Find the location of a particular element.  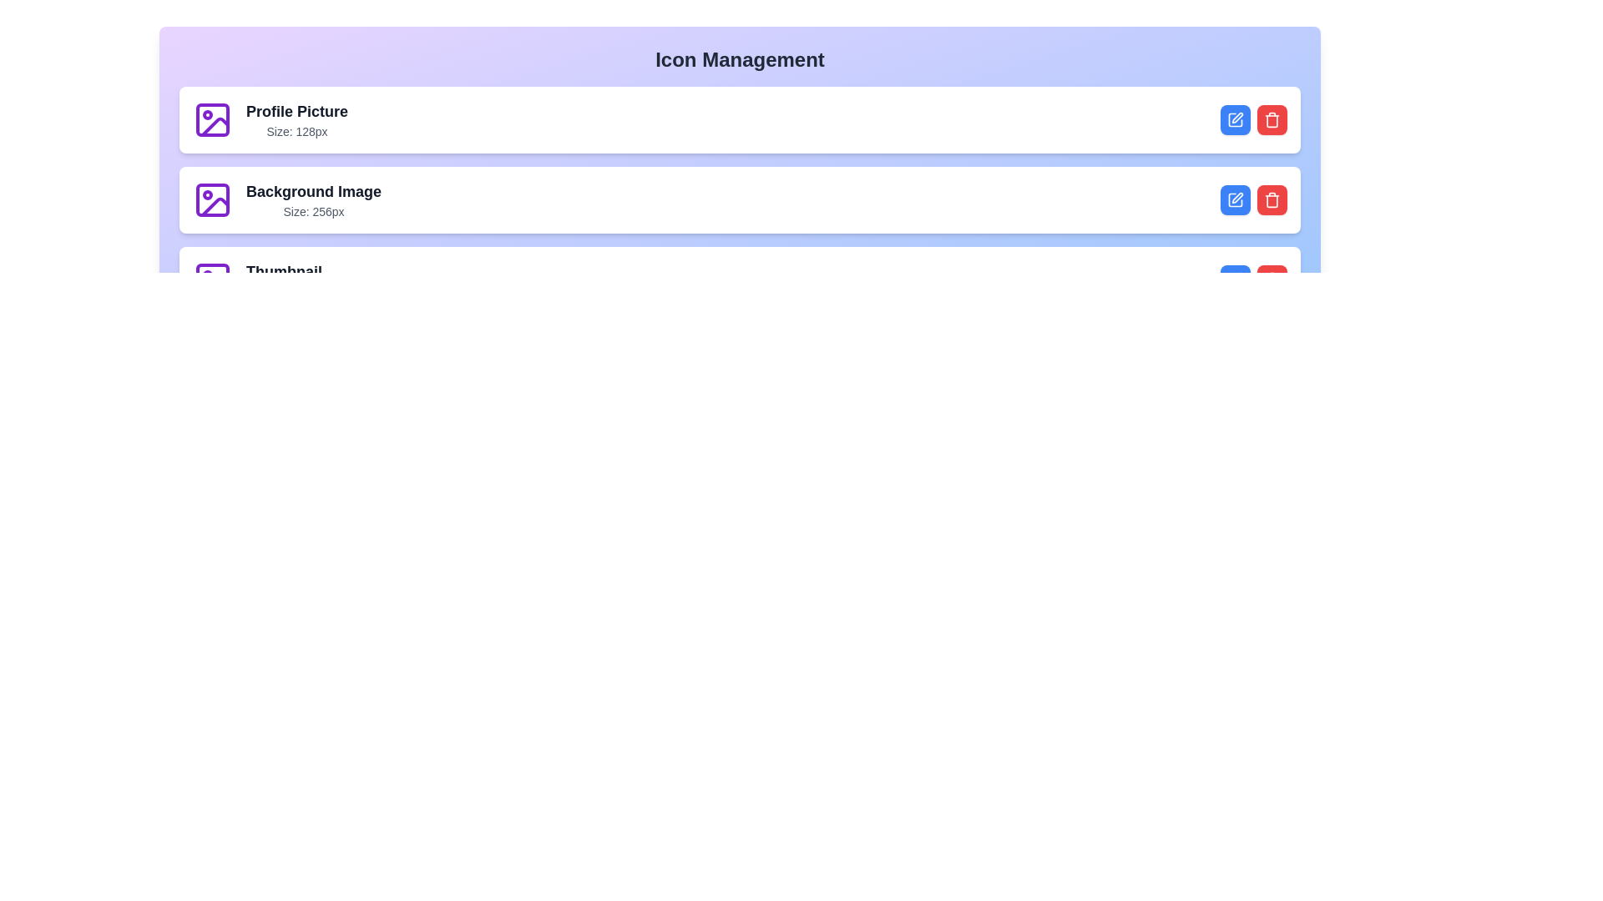

the static descriptive text displaying 'Size: 256px', which is positioned below the 'Background Image' heading is located at coordinates (313, 211).